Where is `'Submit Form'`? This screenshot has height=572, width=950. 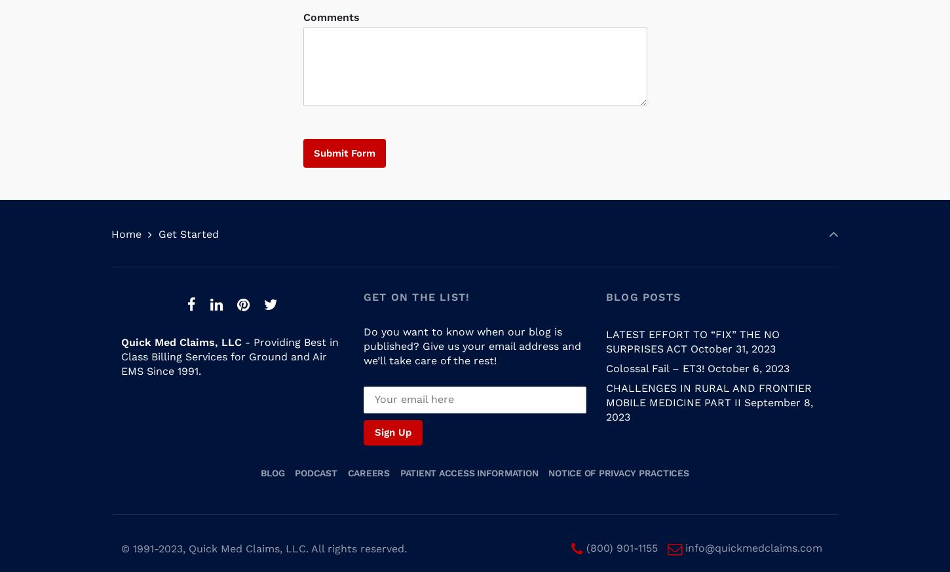 'Submit Form' is located at coordinates (313, 140).